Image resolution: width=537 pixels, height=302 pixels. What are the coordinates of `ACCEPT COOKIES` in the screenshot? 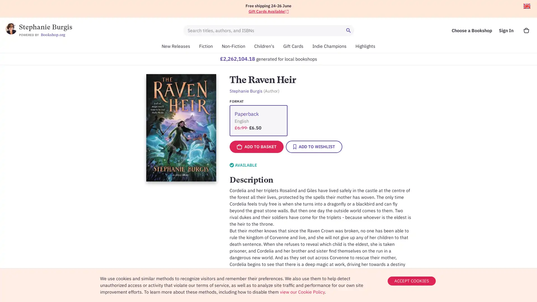 It's located at (411, 281).